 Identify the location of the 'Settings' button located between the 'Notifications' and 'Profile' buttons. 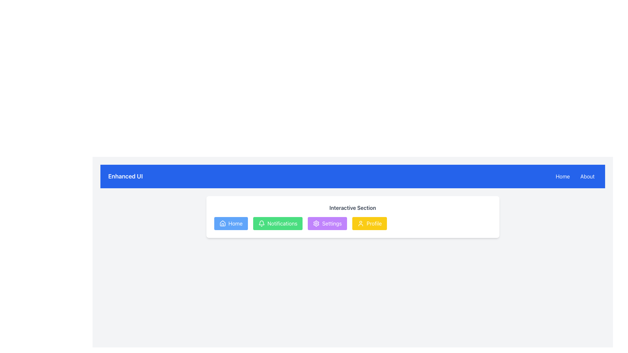
(327, 223).